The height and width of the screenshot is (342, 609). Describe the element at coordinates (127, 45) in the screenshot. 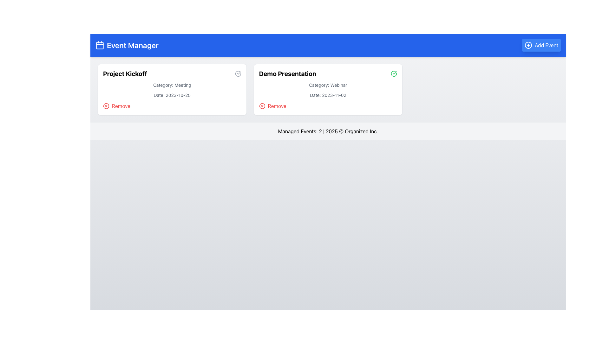

I see `the Title Text with Icon in the blue banner, which indicates the Event Manager section and is located to the far left of the banner next to a calendar icon` at that location.